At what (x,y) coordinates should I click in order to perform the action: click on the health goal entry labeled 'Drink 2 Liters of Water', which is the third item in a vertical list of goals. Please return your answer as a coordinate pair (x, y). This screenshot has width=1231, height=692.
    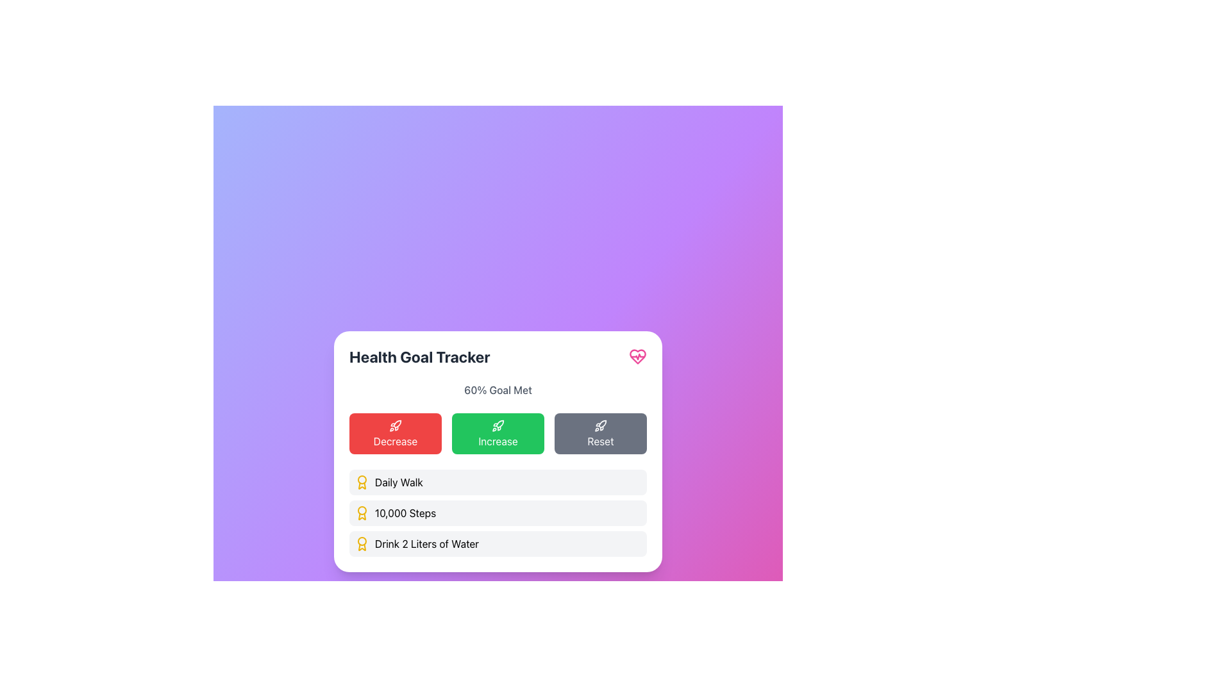
    Looking at the image, I should click on (498, 543).